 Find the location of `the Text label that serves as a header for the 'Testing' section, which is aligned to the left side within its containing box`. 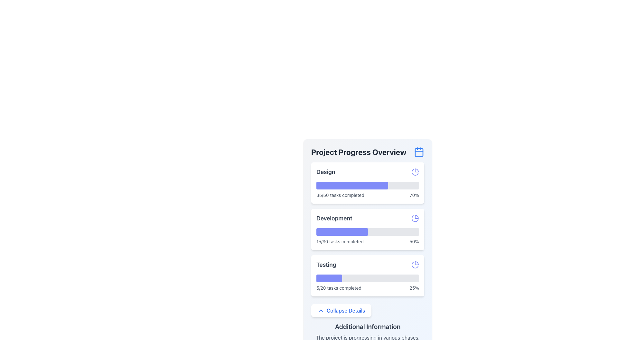

the Text label that serves as a header for the 'Testing' section, which is aligned to the left side within its containing box is located at coordinates (326, 265).